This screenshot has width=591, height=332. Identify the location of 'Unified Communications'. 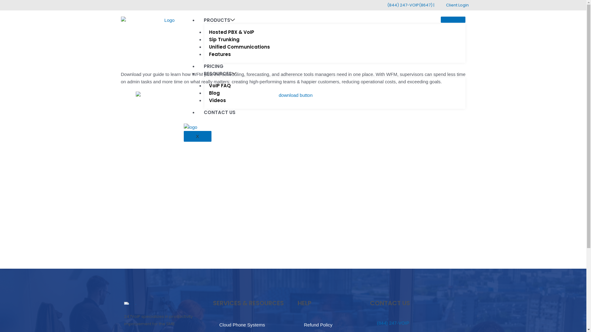
(239, 46).